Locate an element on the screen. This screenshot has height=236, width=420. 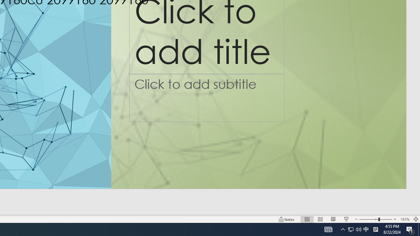
'Zoom 161%' is located at coordinates (405, 219).